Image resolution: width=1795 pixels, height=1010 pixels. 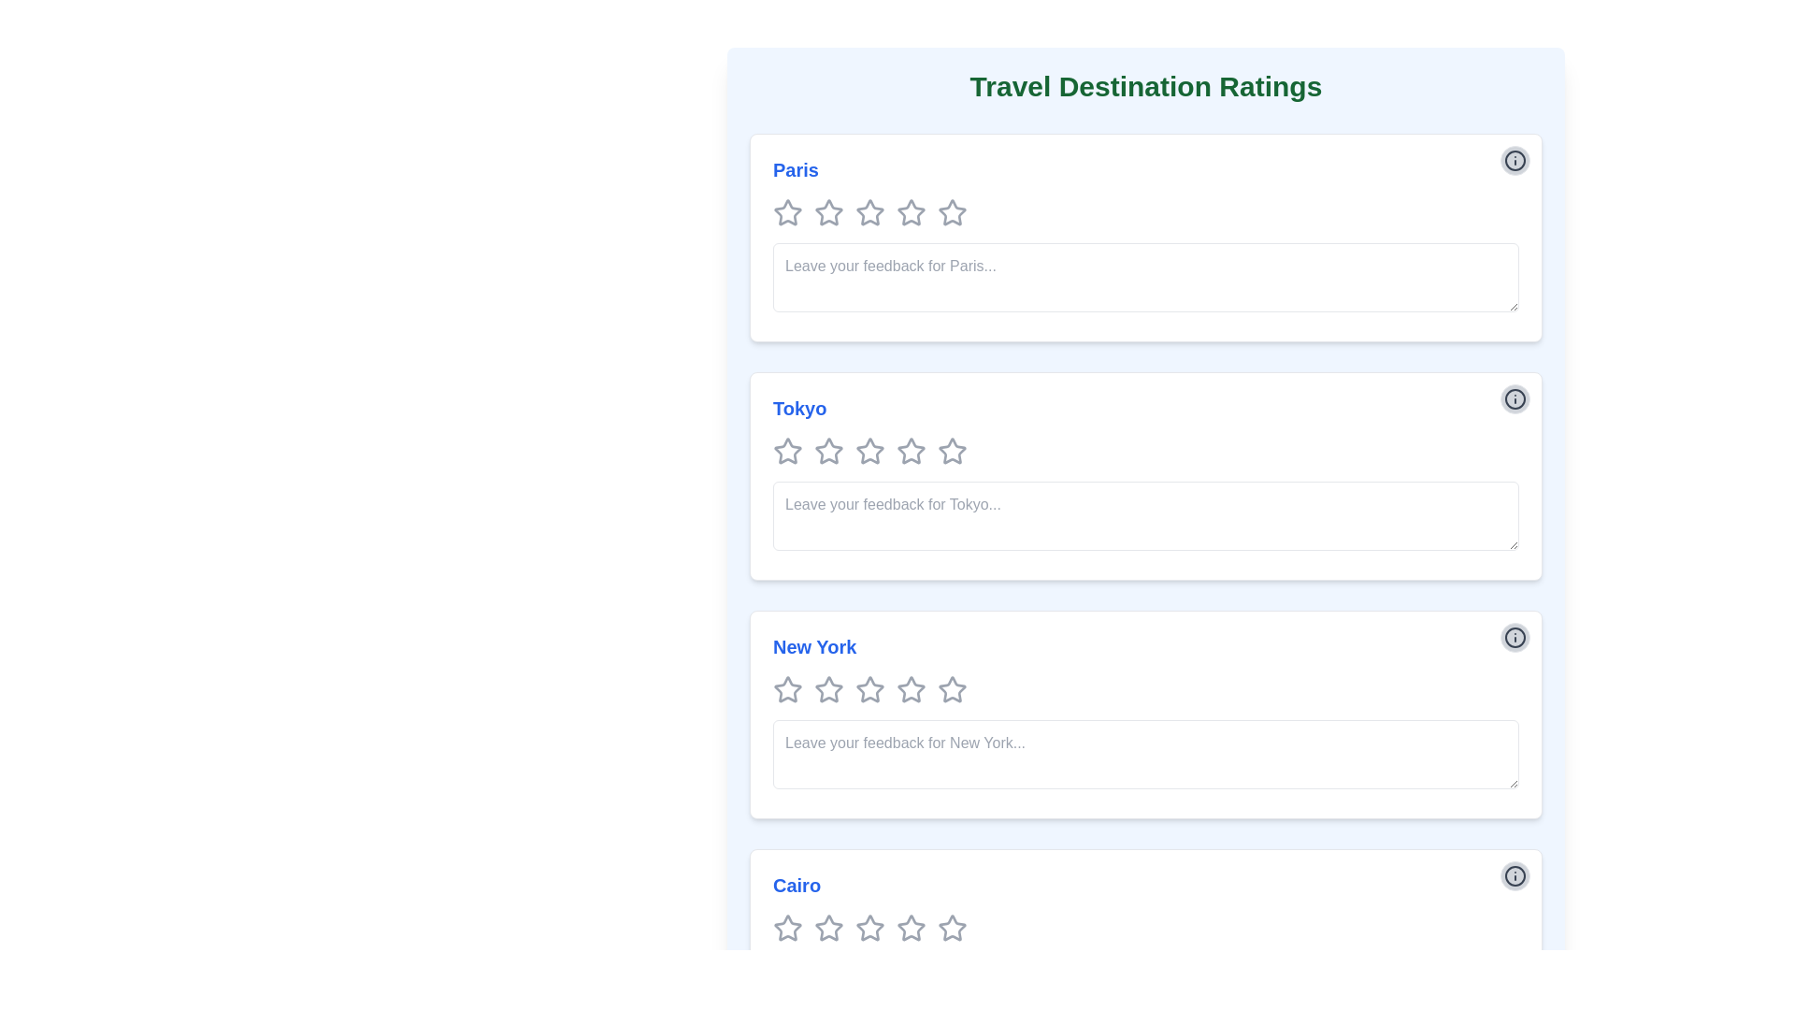 I want to click on the first star icon in the rating section for the 'Cairo' destination, so click(x=869, y=928).